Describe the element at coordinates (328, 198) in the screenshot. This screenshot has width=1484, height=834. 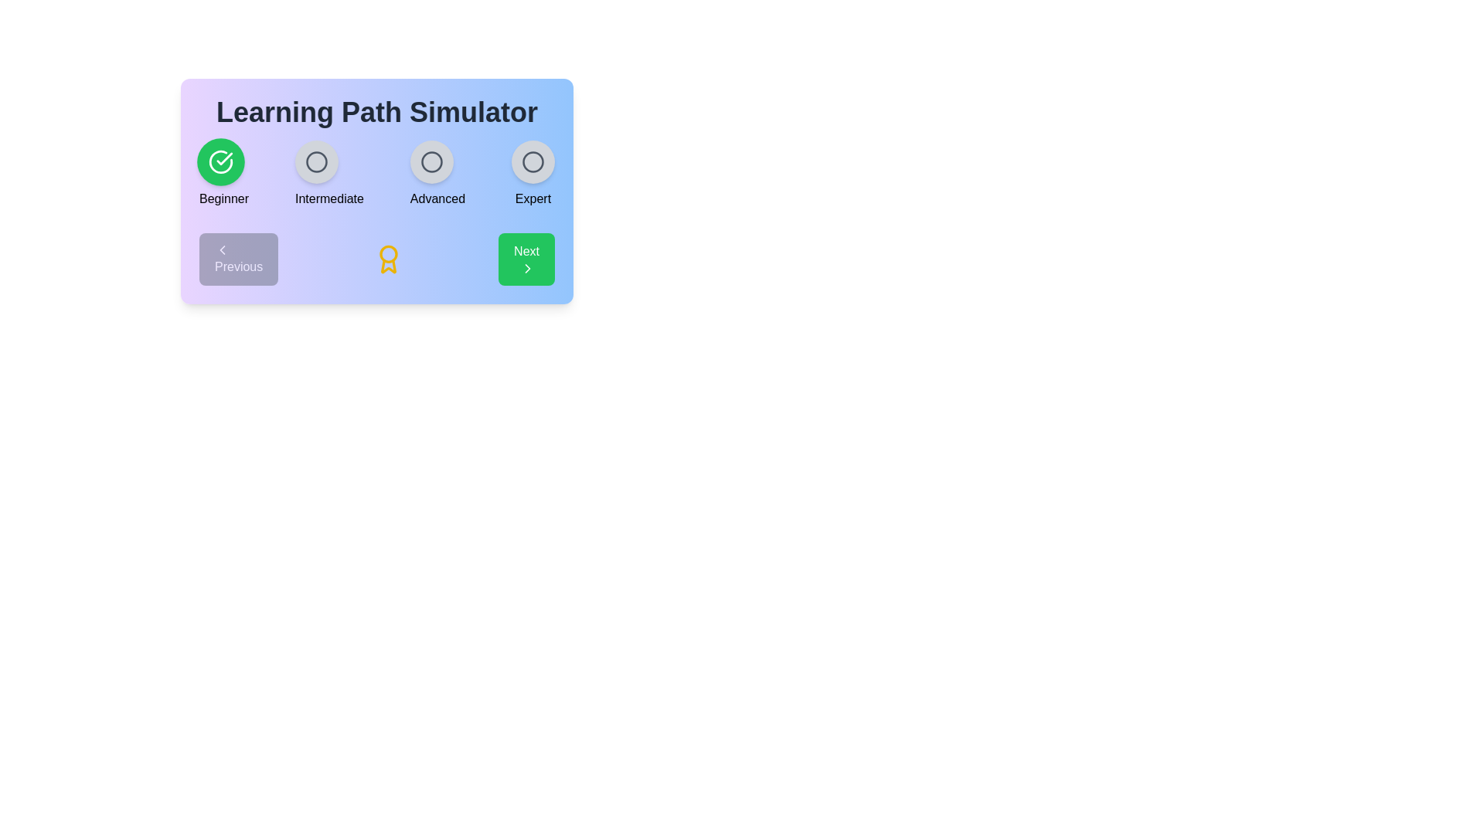
I see `the 'Intermediate' level text label, which is the second in a series of four levels labeled 'Beginner,' 'Intermediate,' 'Advanced,' and 'Expert.' It is positioned centrally below its corresponding circular icon` at that location.